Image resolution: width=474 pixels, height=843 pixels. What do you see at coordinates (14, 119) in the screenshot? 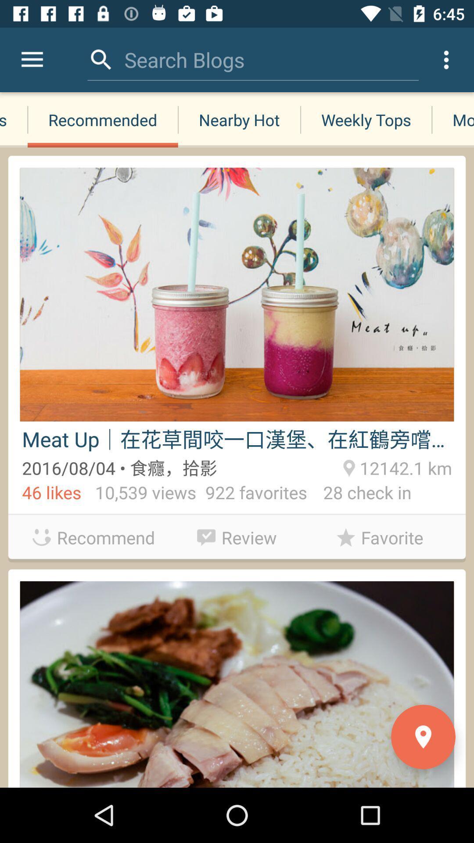
I see `item next to the recommended icon` at bounding box center [14, 119].